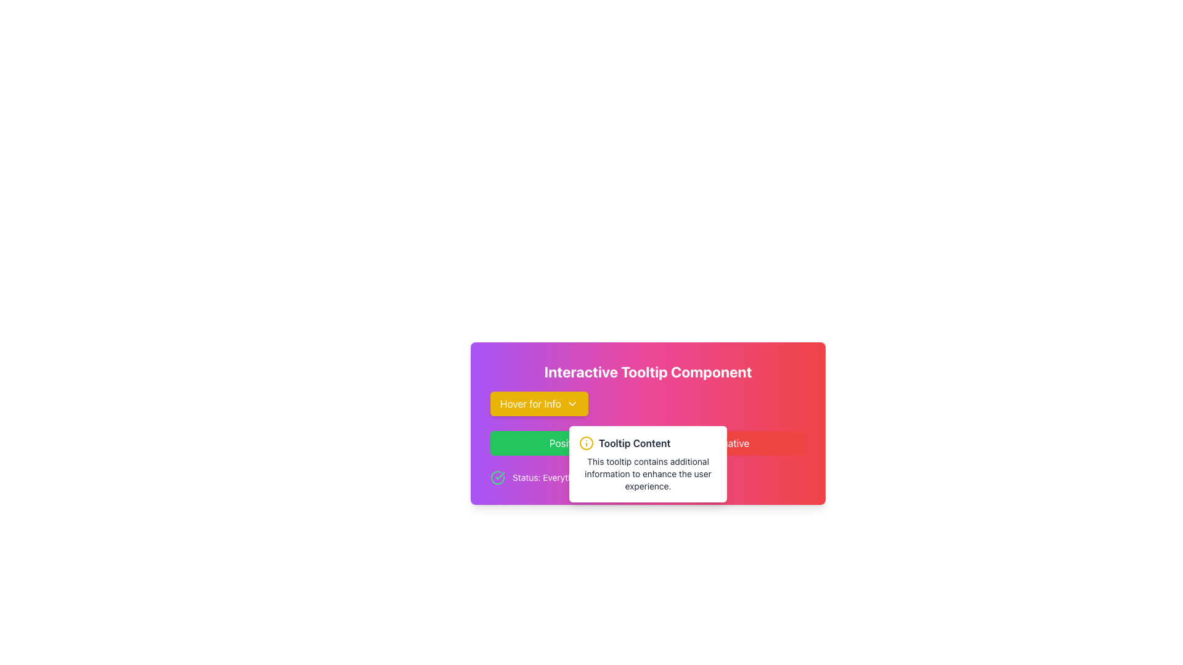 The width and height of the screenshot is (1183, 665). Describe the element at coordinates (585, 443) in the screenshot. I see `the circular decorative element with a yellow border that is located at the center of the information icon within the tooltip labeled 'Tooltip Content'` at that location.